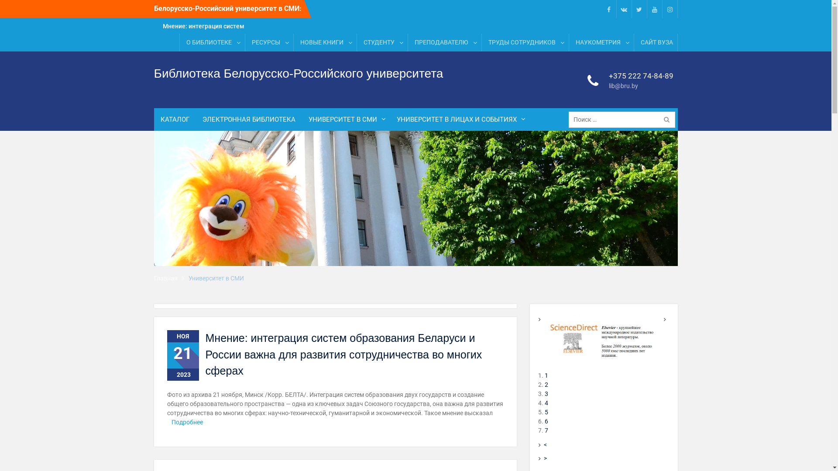 The height and width of the screenshot is (471, 838). What do you see at coordinates (544, 393) in the screenshot?
I see `'3'` at bounding box center [544, 393].